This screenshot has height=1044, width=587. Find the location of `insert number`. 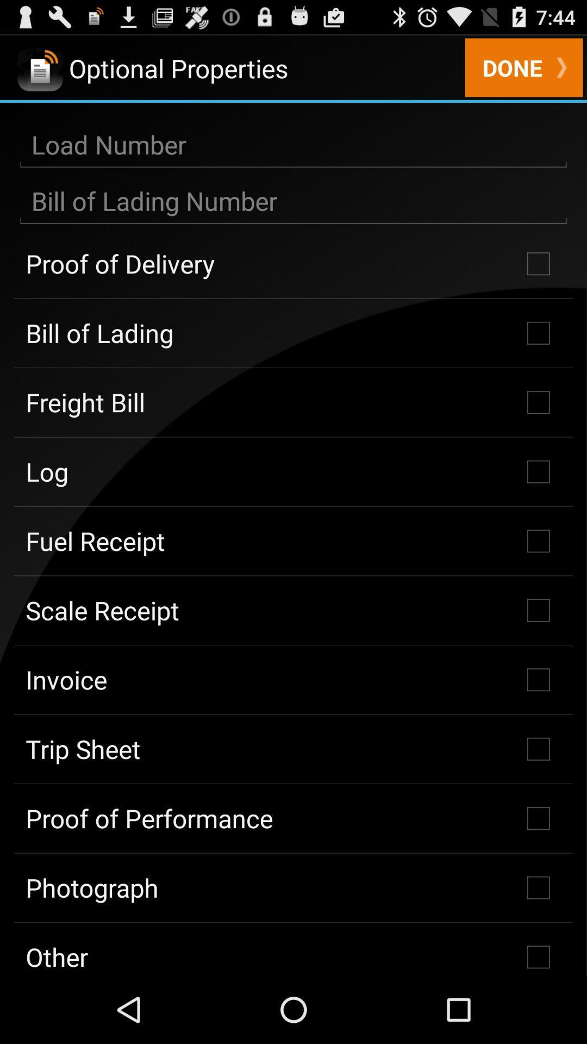

insert number is located at coordinates (293, 201).